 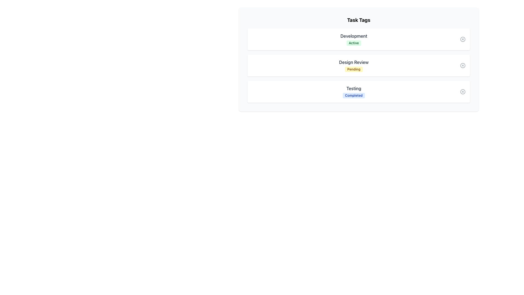 I want to click on status text displayed in the green badge labeled 'Active' located in the Label group under the header 'Task Tags', so click(x=354, y=39).